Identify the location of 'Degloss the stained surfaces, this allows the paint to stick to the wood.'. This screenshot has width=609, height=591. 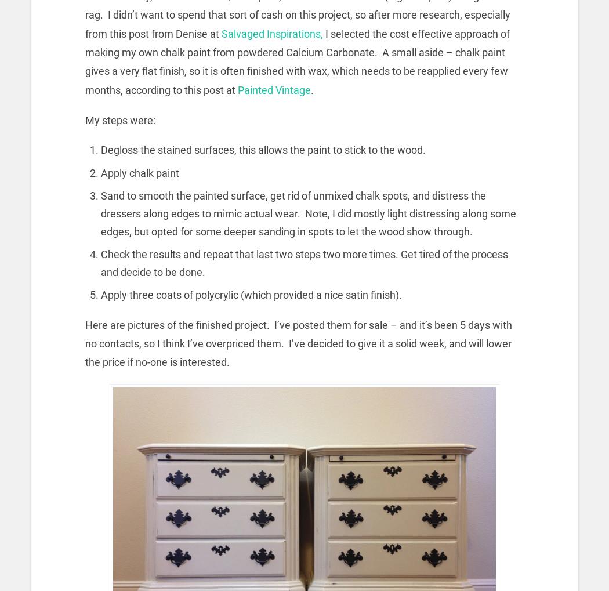
(100, 150).